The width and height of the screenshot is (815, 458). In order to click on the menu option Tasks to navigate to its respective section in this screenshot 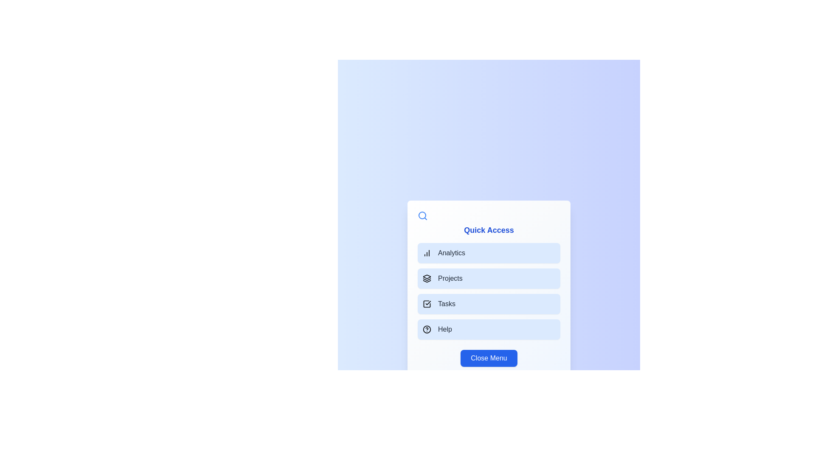, I will do `click(489, 304)`.